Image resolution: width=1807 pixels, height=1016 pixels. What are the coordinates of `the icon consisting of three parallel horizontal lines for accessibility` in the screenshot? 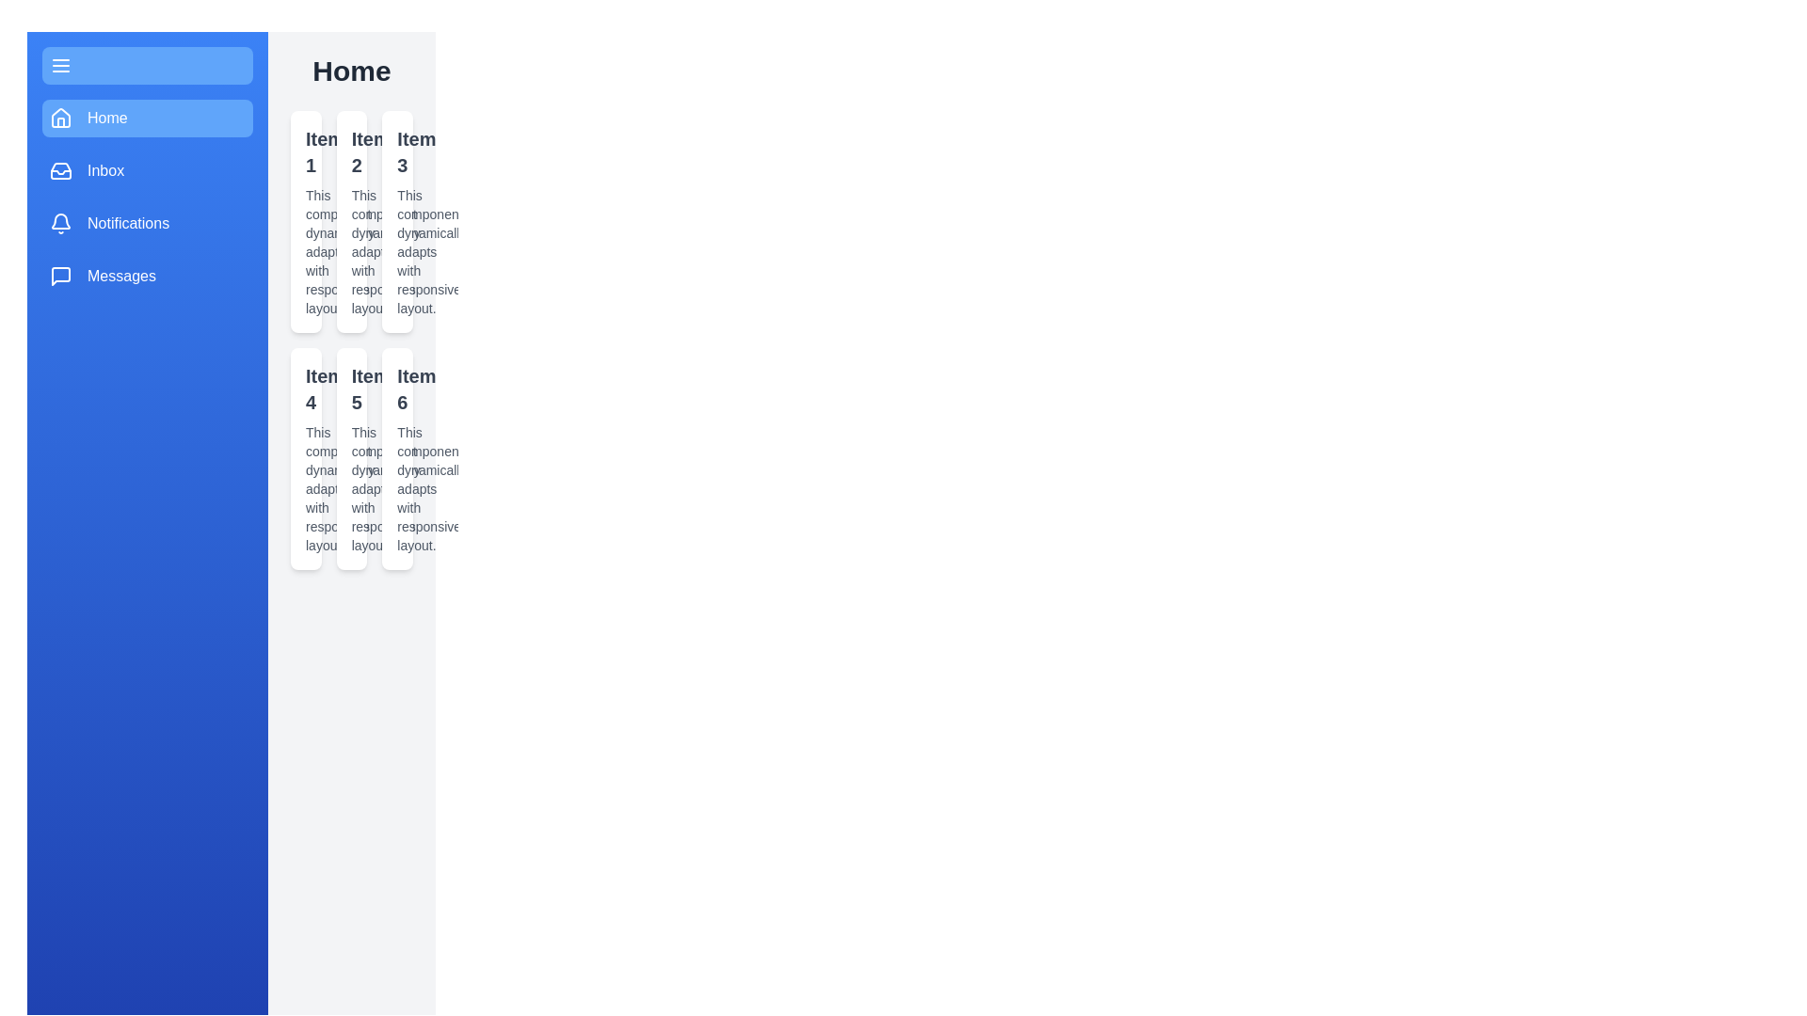 It's located at (61, 64).